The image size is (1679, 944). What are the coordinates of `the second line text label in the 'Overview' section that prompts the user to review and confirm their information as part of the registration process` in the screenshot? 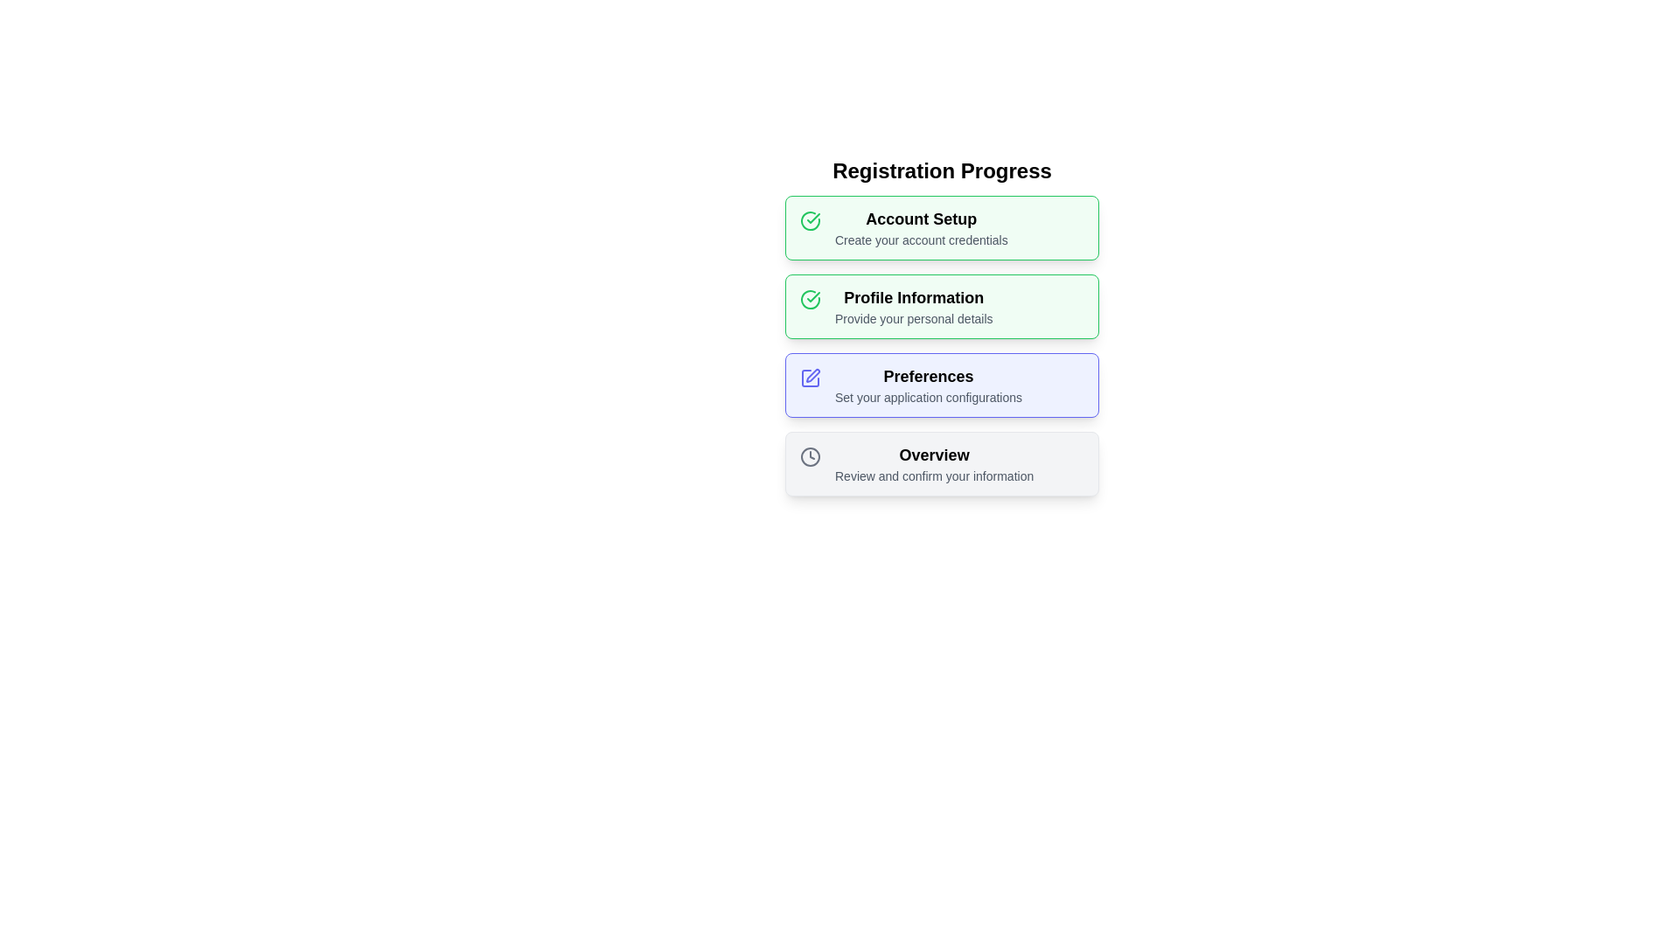 It's located at (933, 475).